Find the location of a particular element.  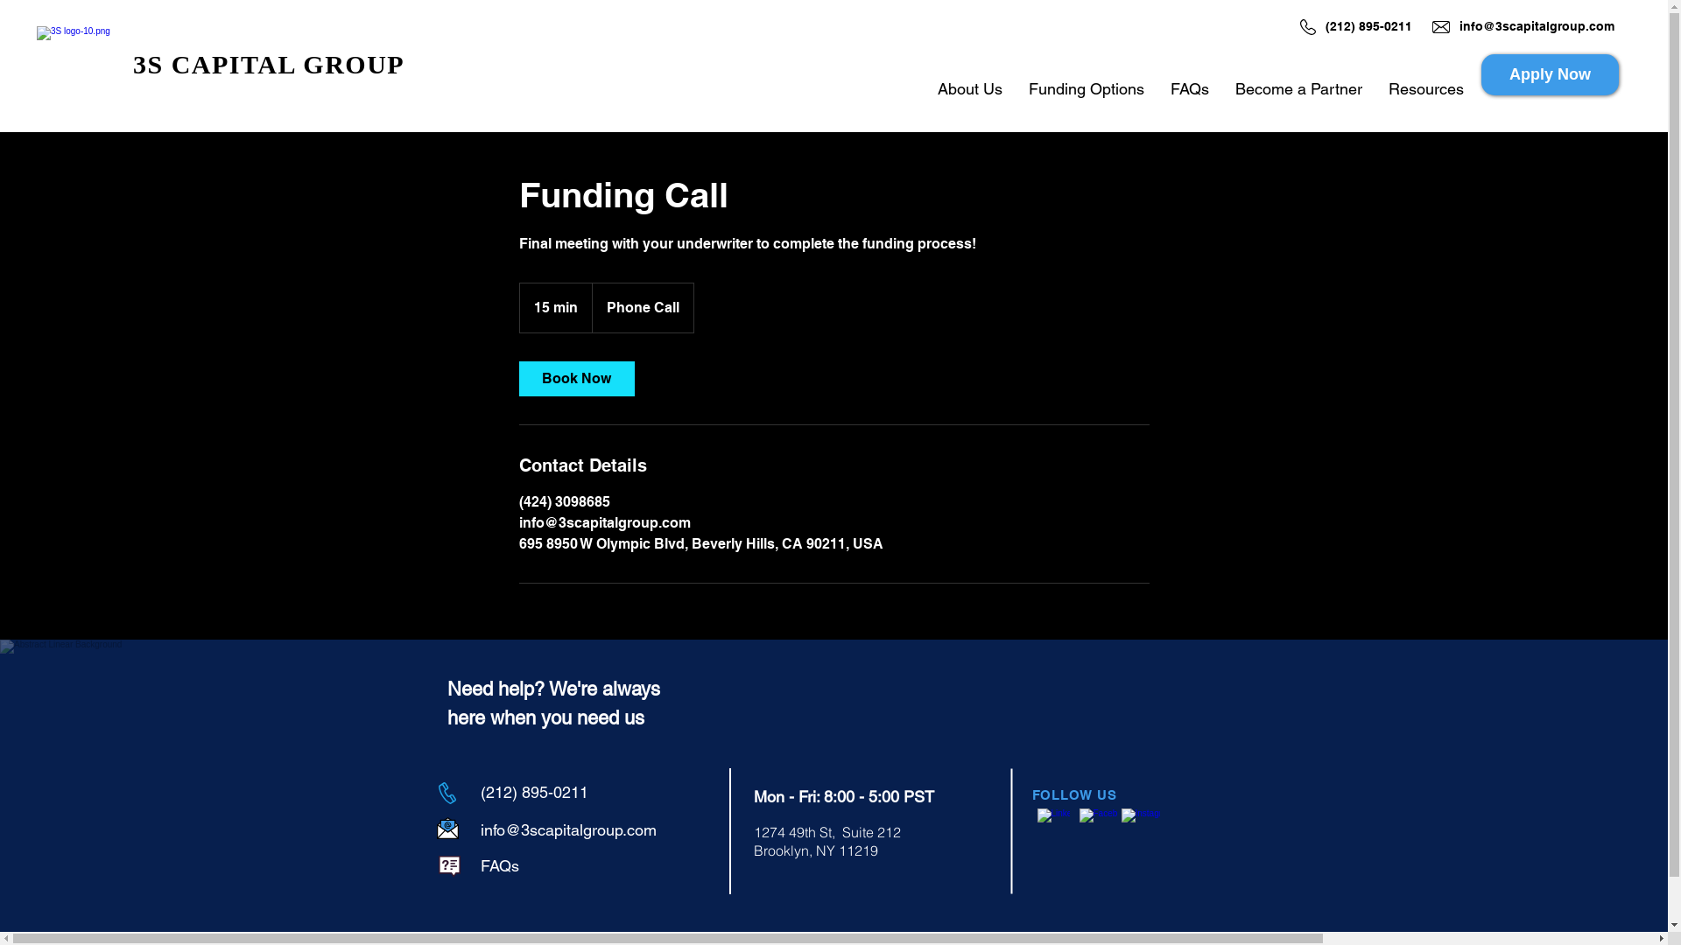

'About Us' is located at coordinates (969, 88).